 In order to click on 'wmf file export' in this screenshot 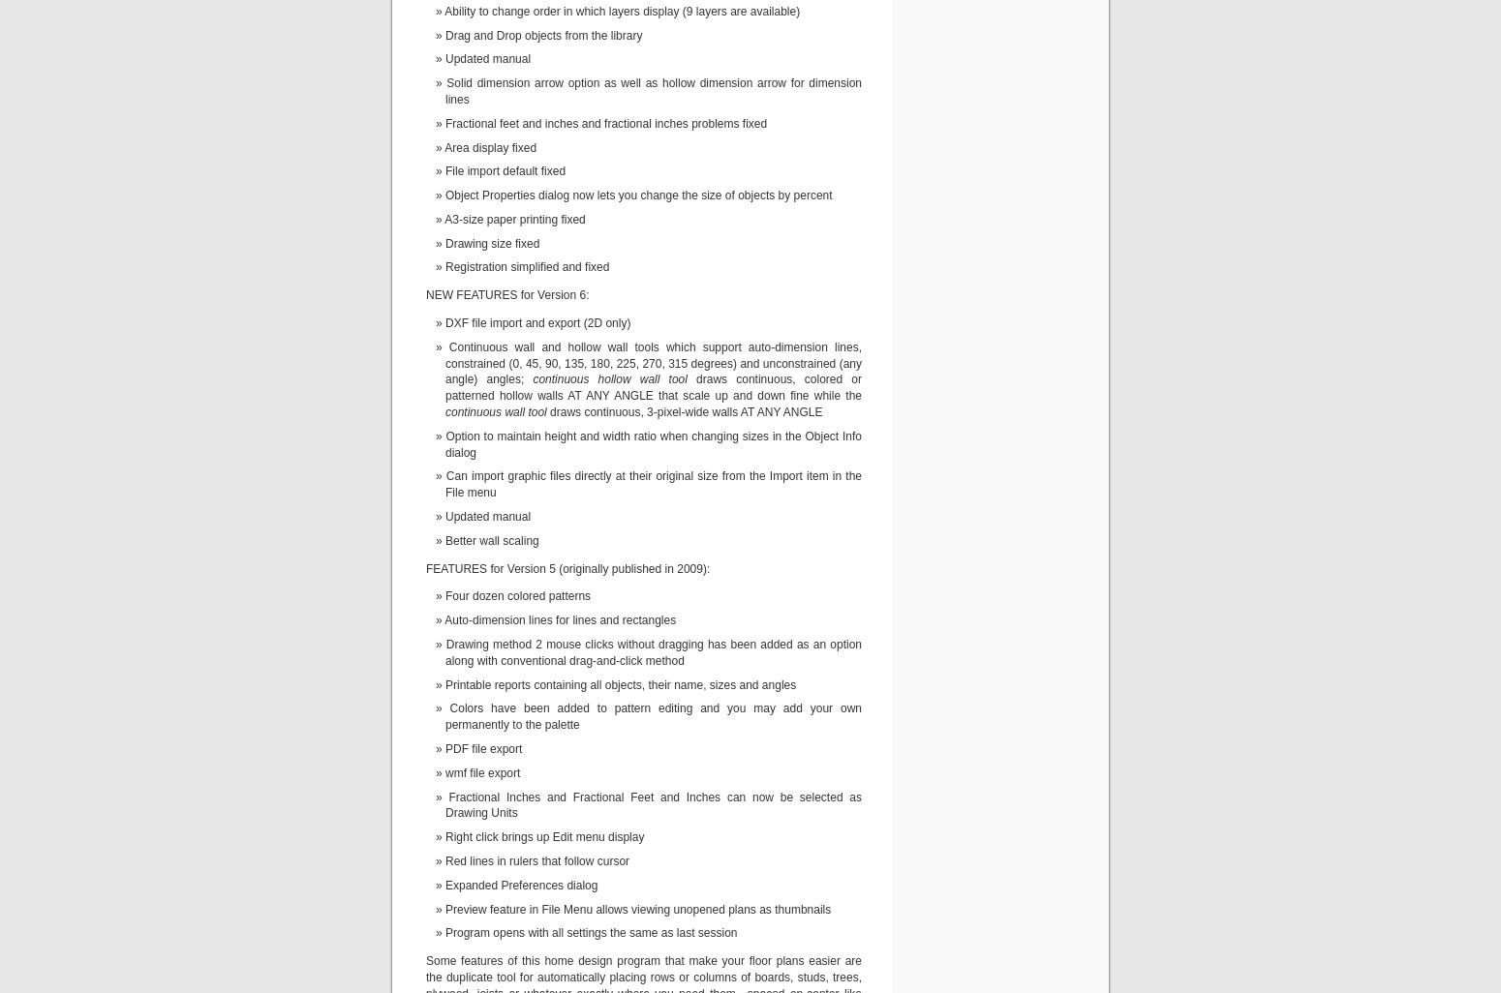, I will do `click(481, 771)`.